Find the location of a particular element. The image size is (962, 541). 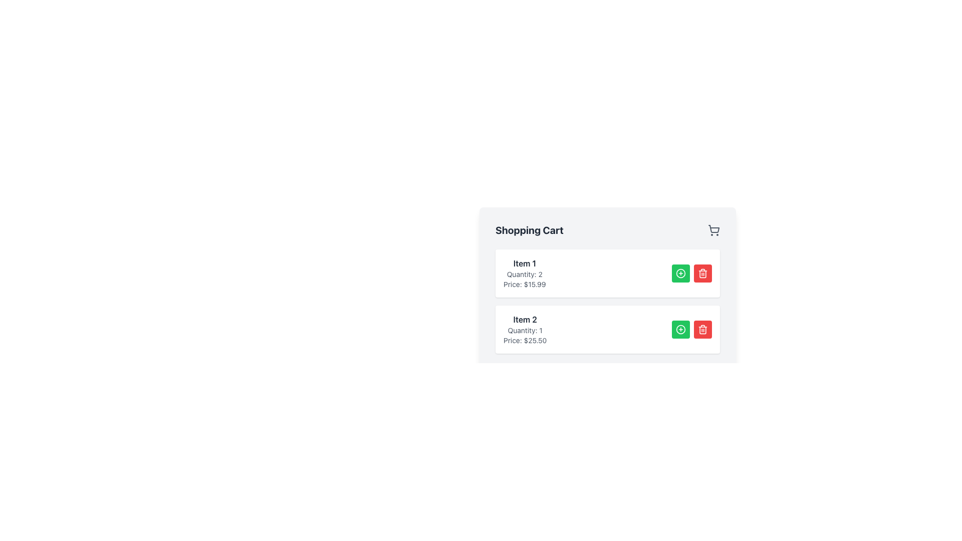

the static display text for 'Item 2' in the shopping cart, which provides details about the item's name, quantity, and price is located at coordinates (525, 330).